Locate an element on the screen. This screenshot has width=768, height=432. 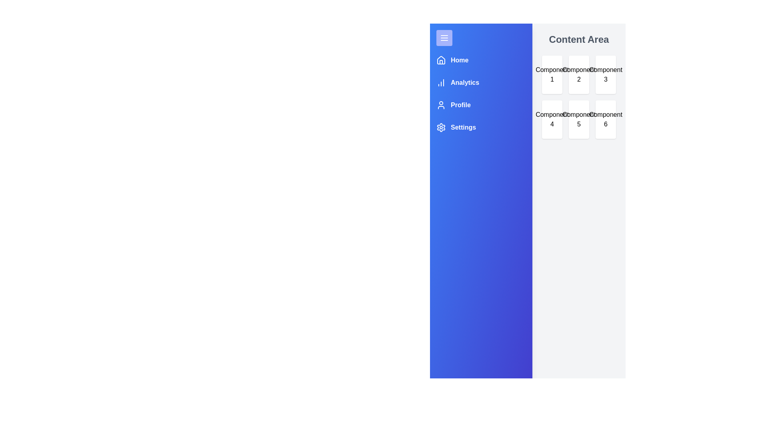
the menu item Home to view its tooltip is located at coordinates (452, 60).